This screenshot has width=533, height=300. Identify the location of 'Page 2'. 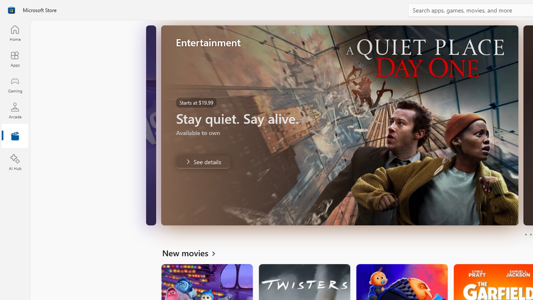
(530, 235).